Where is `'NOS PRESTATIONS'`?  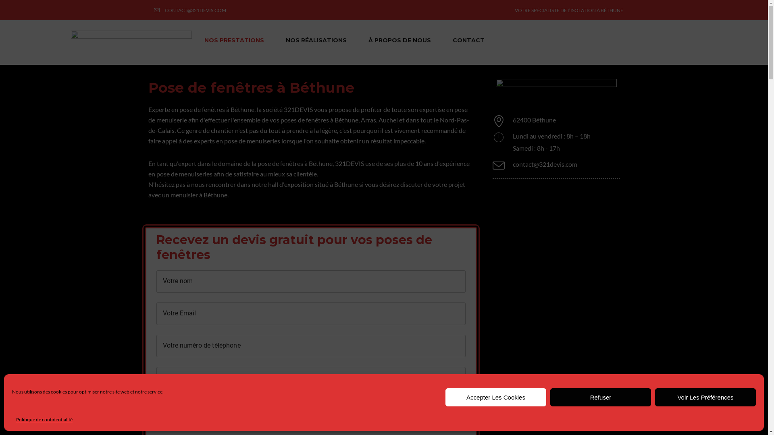
'NOS PRESTATIONS' is located at coordinates (233, 40).